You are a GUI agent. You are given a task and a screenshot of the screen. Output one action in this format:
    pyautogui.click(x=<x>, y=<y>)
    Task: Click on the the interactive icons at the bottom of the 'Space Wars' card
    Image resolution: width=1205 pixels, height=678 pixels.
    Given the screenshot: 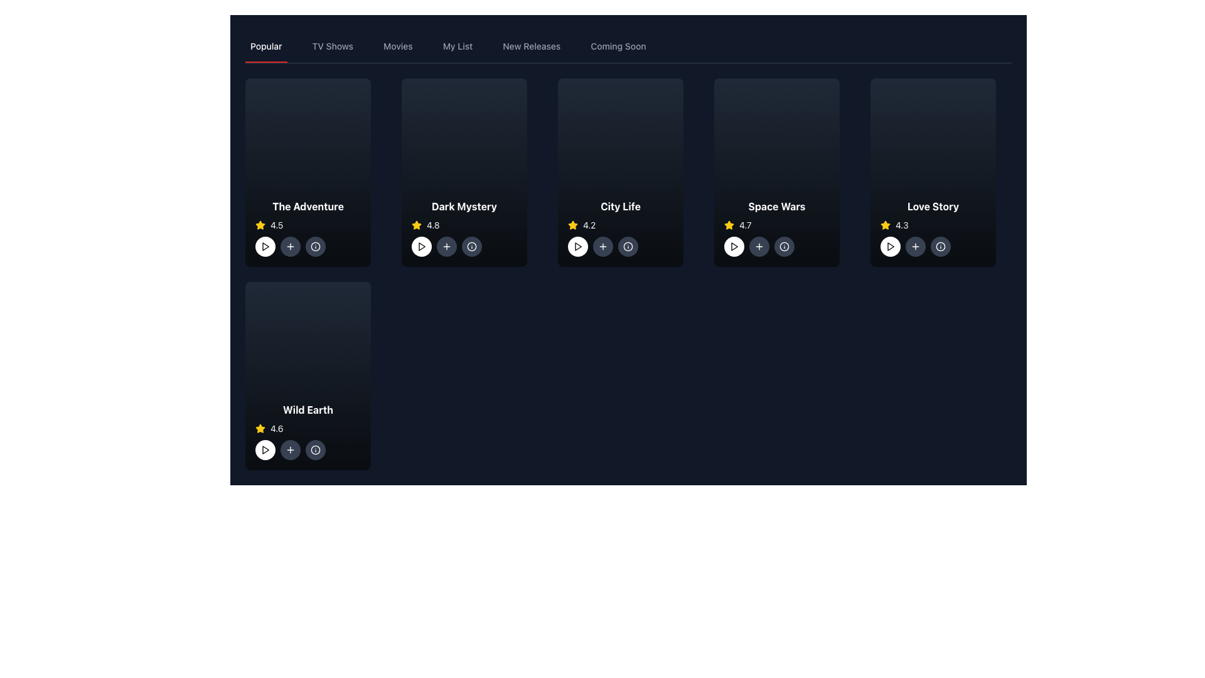 What is the action you would take?
    pyautogui.click(x=776, y=227)
    